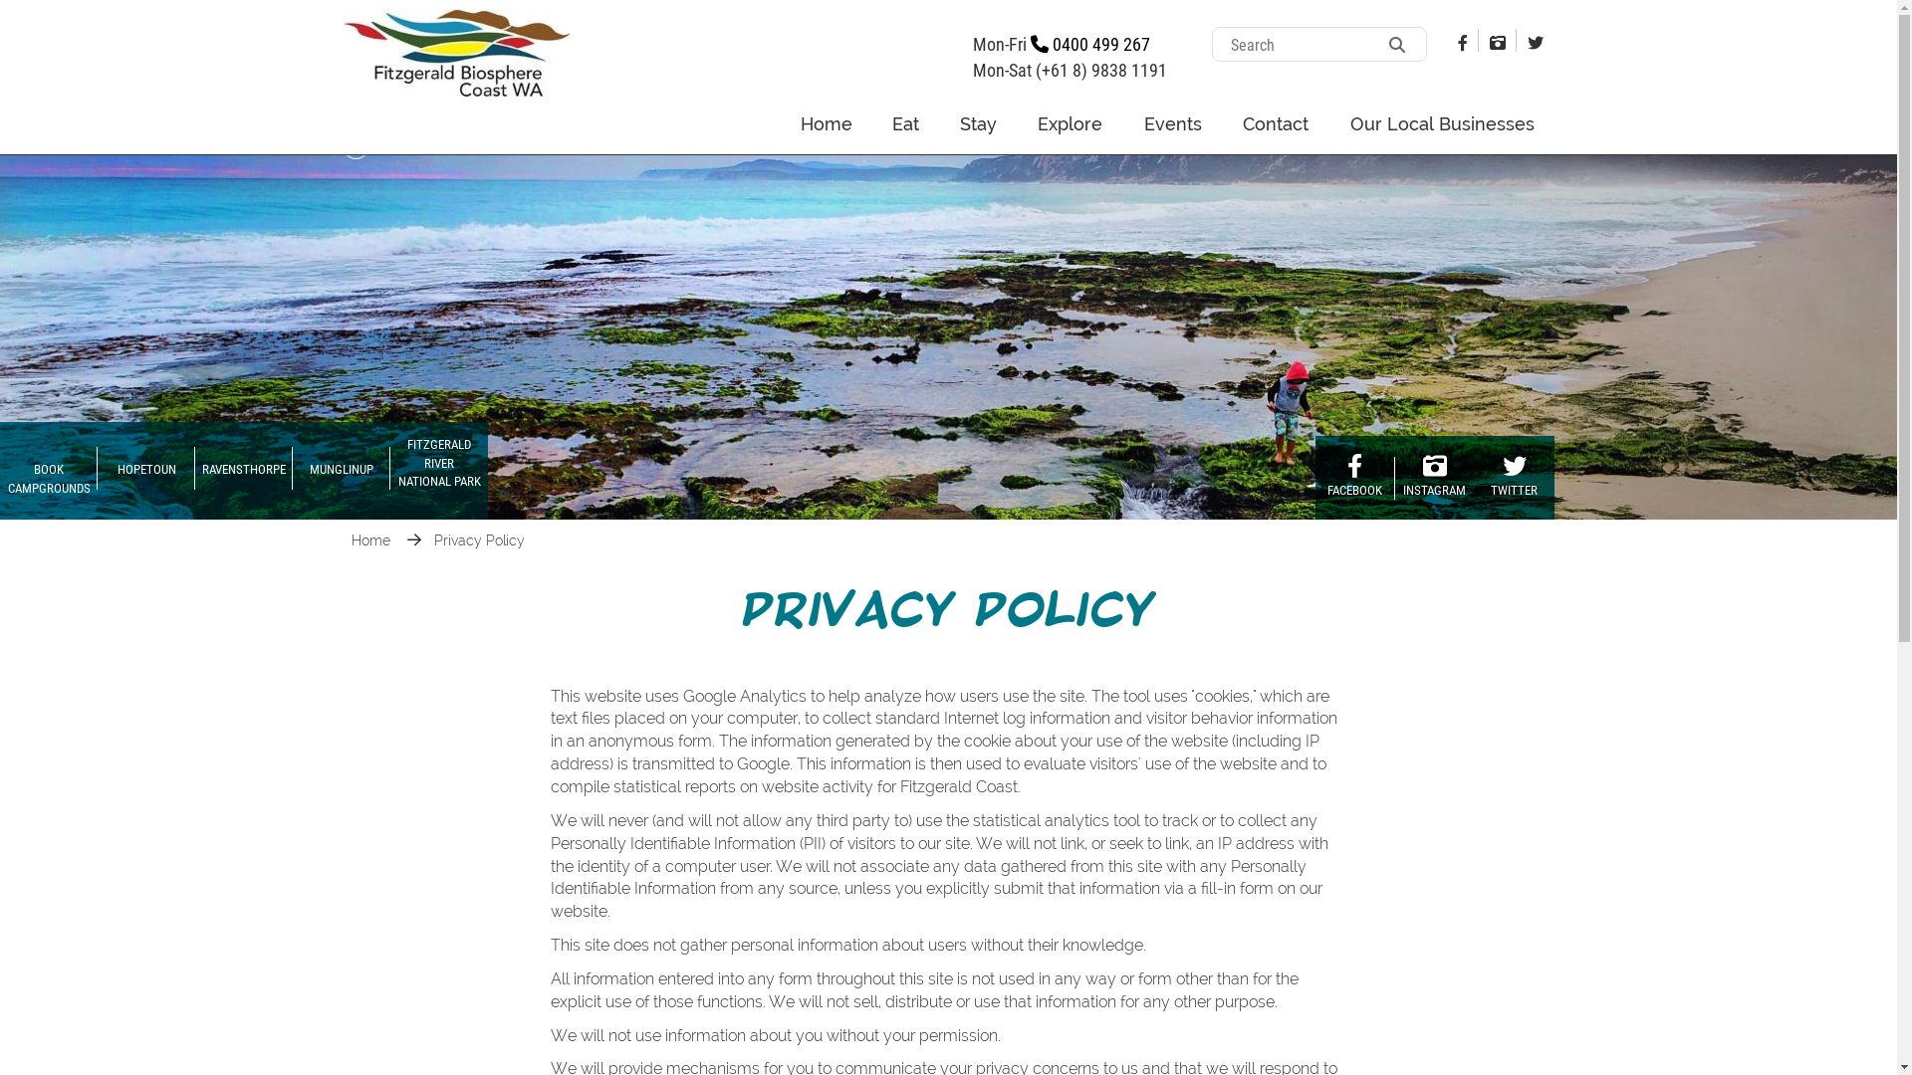  I want to click on 'BOOK CAMPGROUNDS', so click(48, 471).